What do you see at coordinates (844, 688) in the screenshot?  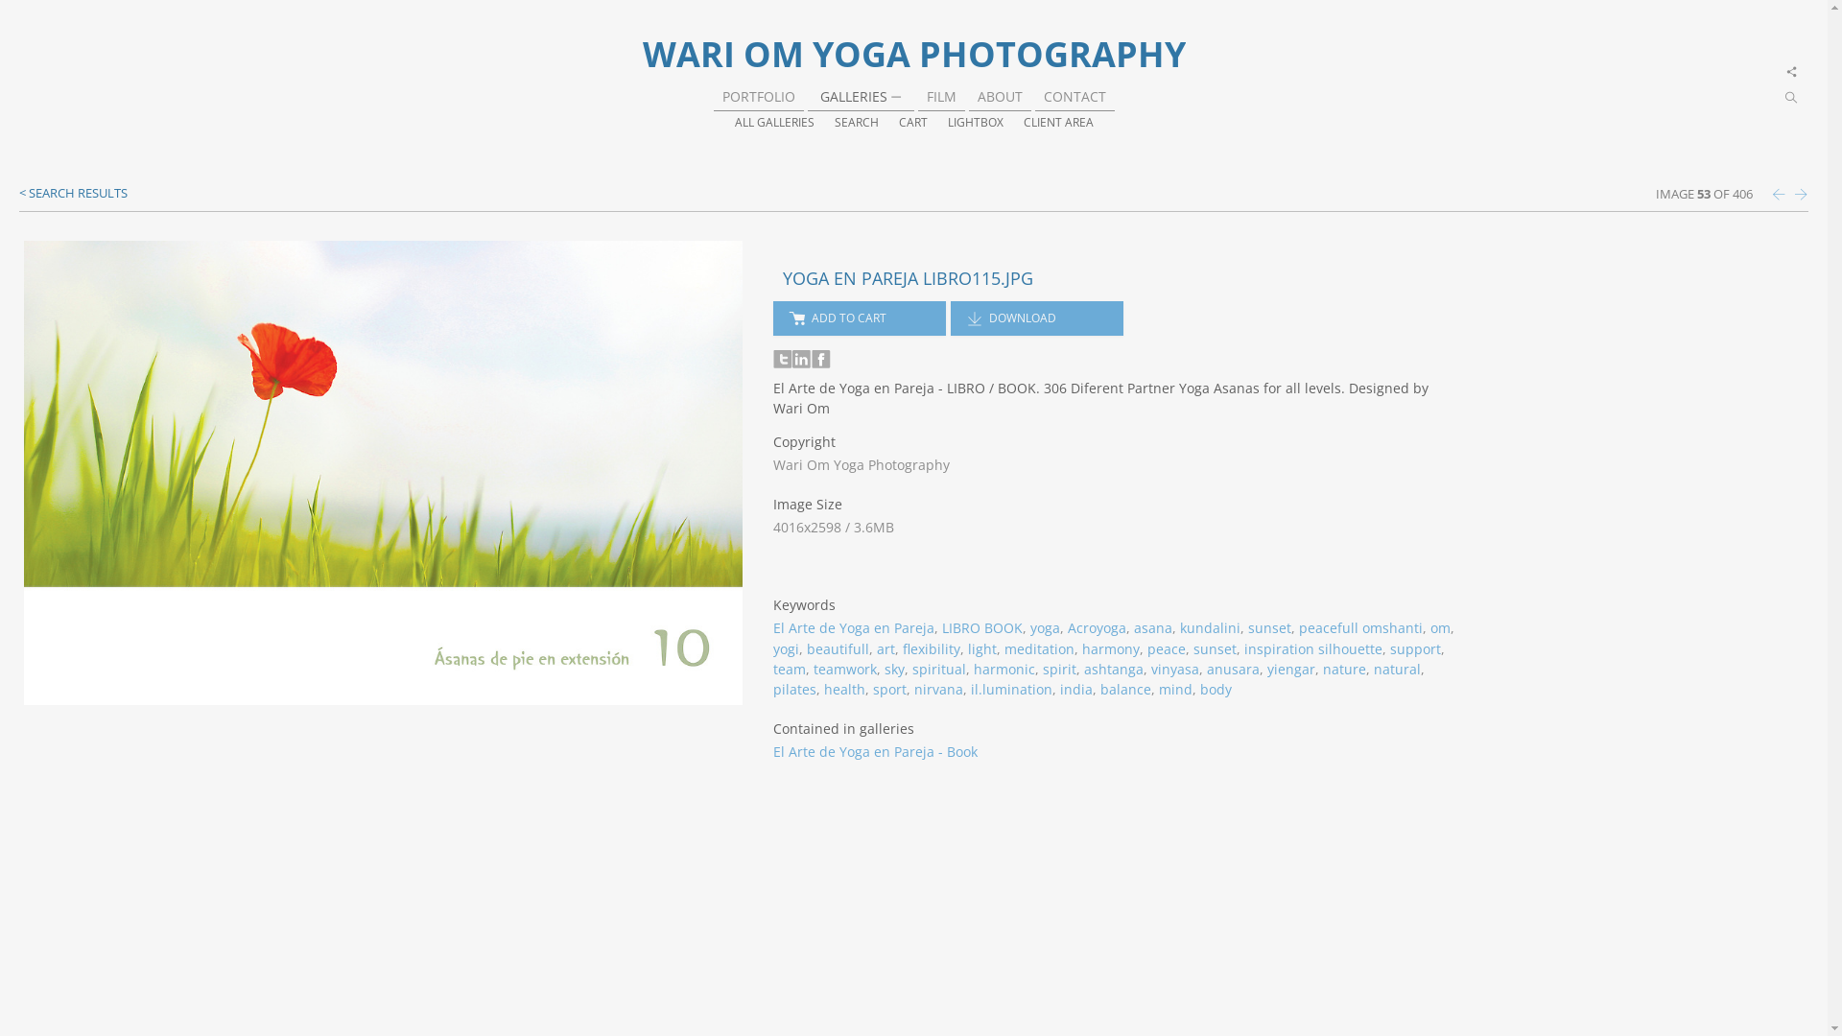 I see `'health'` at bounding box center [844, 688].